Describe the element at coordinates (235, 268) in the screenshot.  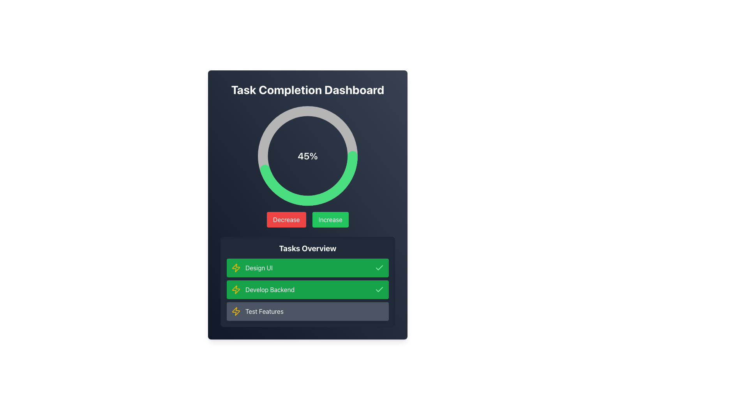
I see `the lightning bolt icon within the green 'Design UI' button` at that location.